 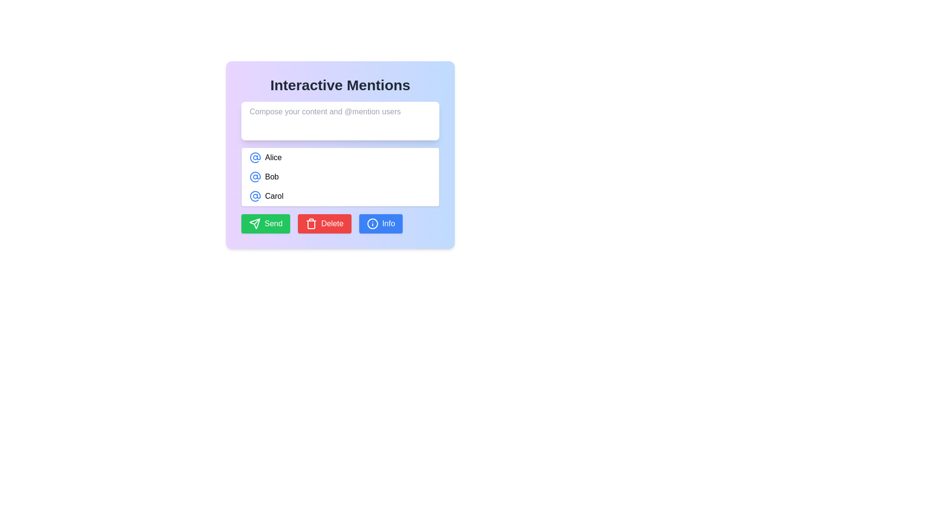 What do you see at coordinates (255, 177) in the screenshot?
I see `the circular, blue-colored '@' icon located next to the text 'Bob' in the interactive mentions section` at bounding box center [255, 177].